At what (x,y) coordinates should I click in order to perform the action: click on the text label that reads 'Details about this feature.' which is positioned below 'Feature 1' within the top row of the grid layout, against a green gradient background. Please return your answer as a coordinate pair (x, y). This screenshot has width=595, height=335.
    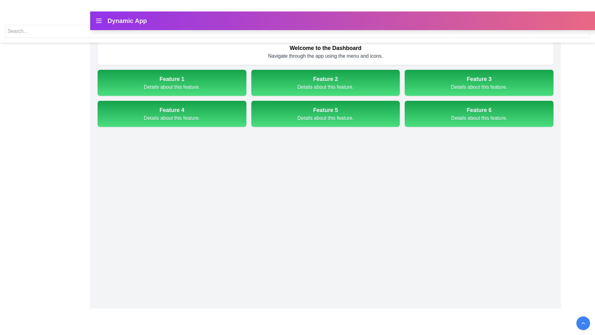
    Looking at the image, I should click on (172, 87).